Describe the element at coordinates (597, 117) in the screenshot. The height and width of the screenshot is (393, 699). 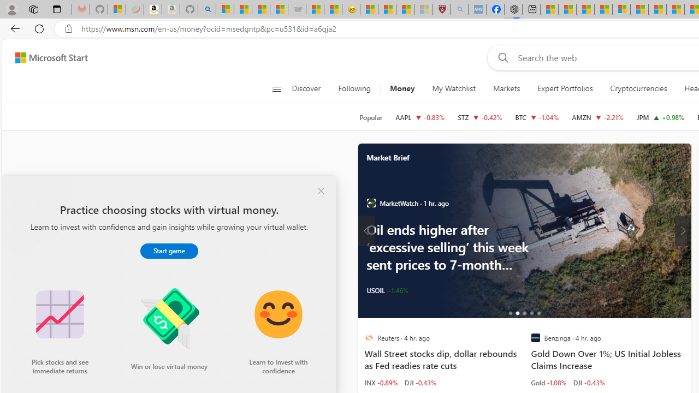
I see `'AMZN AMAZON.COM, INC. decrease 176.13 -3.98 -2.21%'` at that location.